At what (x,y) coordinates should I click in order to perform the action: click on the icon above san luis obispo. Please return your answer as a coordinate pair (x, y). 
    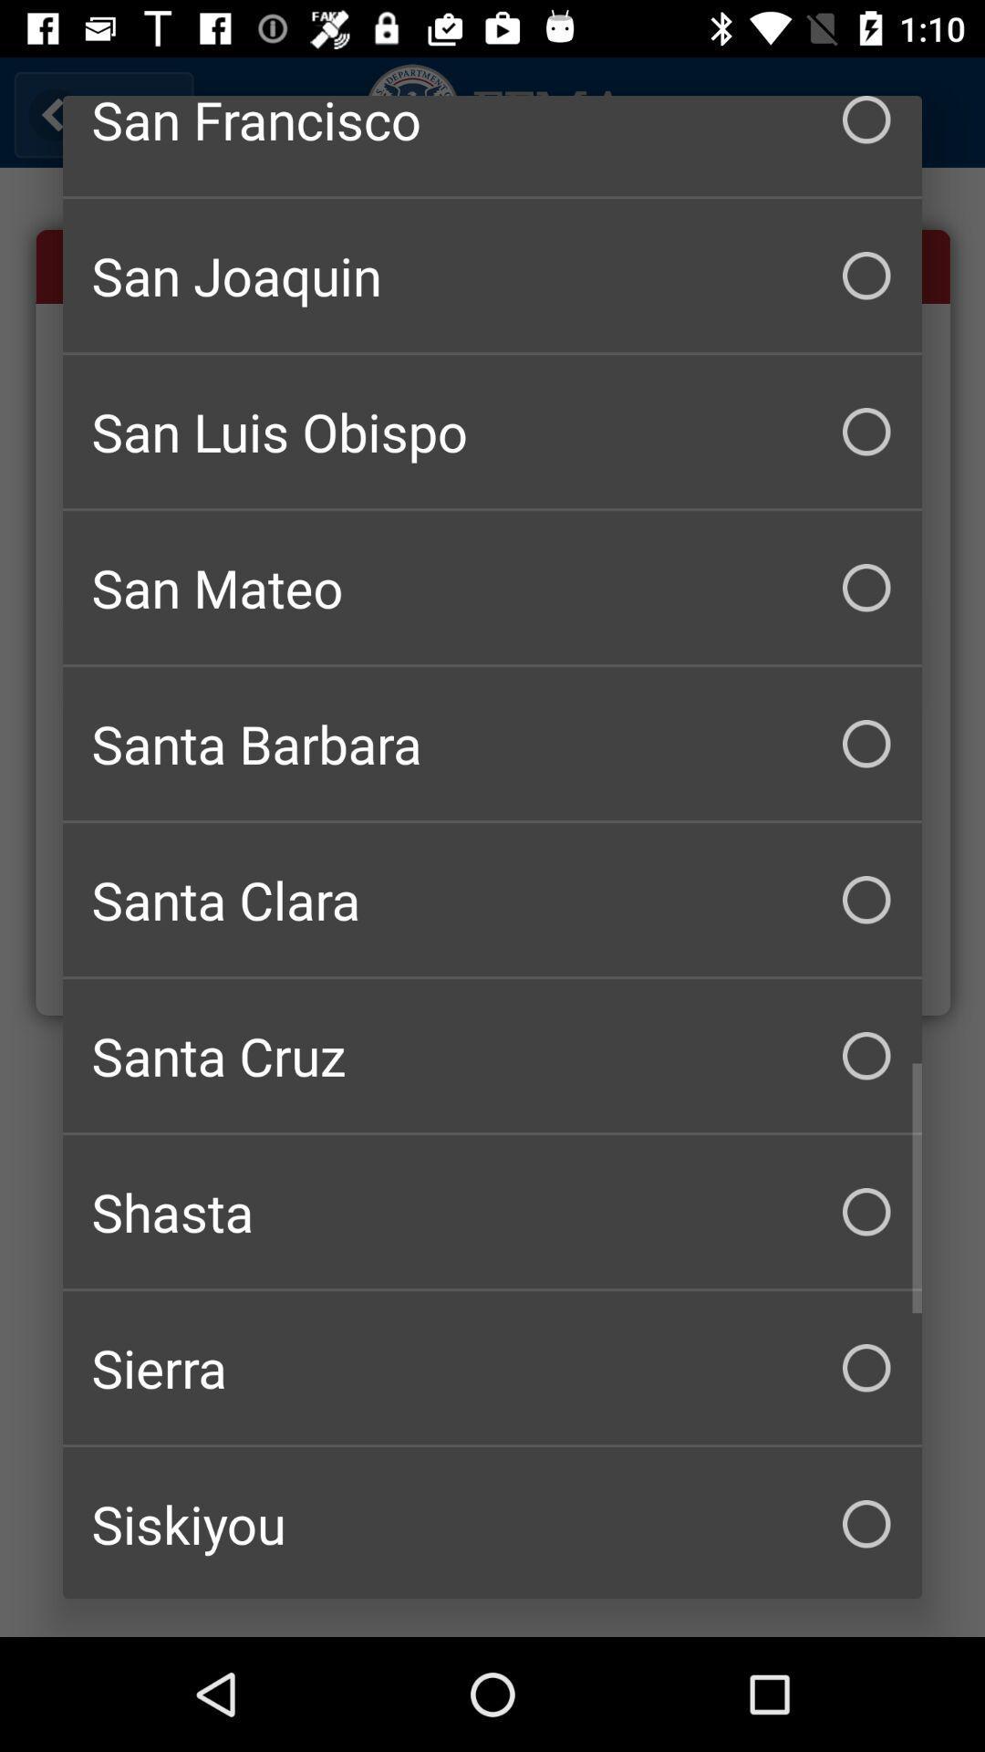
    Looking at the image, I should click on (493, 275).